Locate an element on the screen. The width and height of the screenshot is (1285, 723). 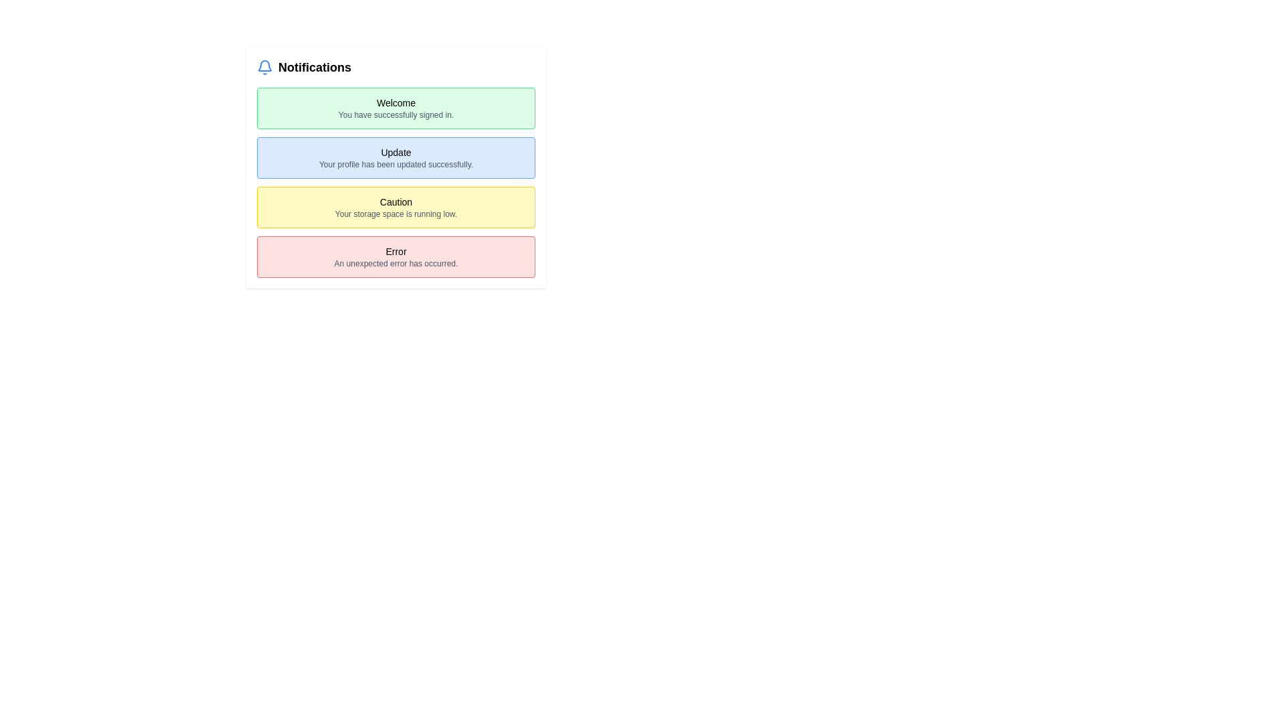
the second notification box that notifies the user about a profile update is located at coordinates (395, 167).